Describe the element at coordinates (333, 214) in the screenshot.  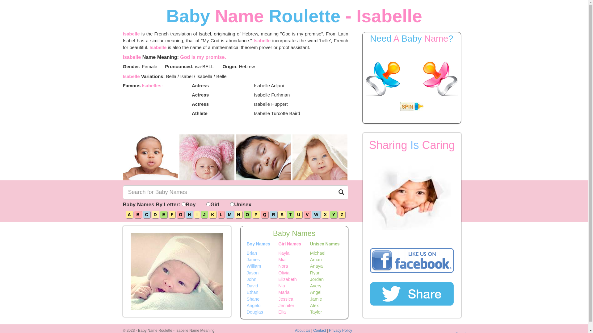
I see `'Y'` at that location.